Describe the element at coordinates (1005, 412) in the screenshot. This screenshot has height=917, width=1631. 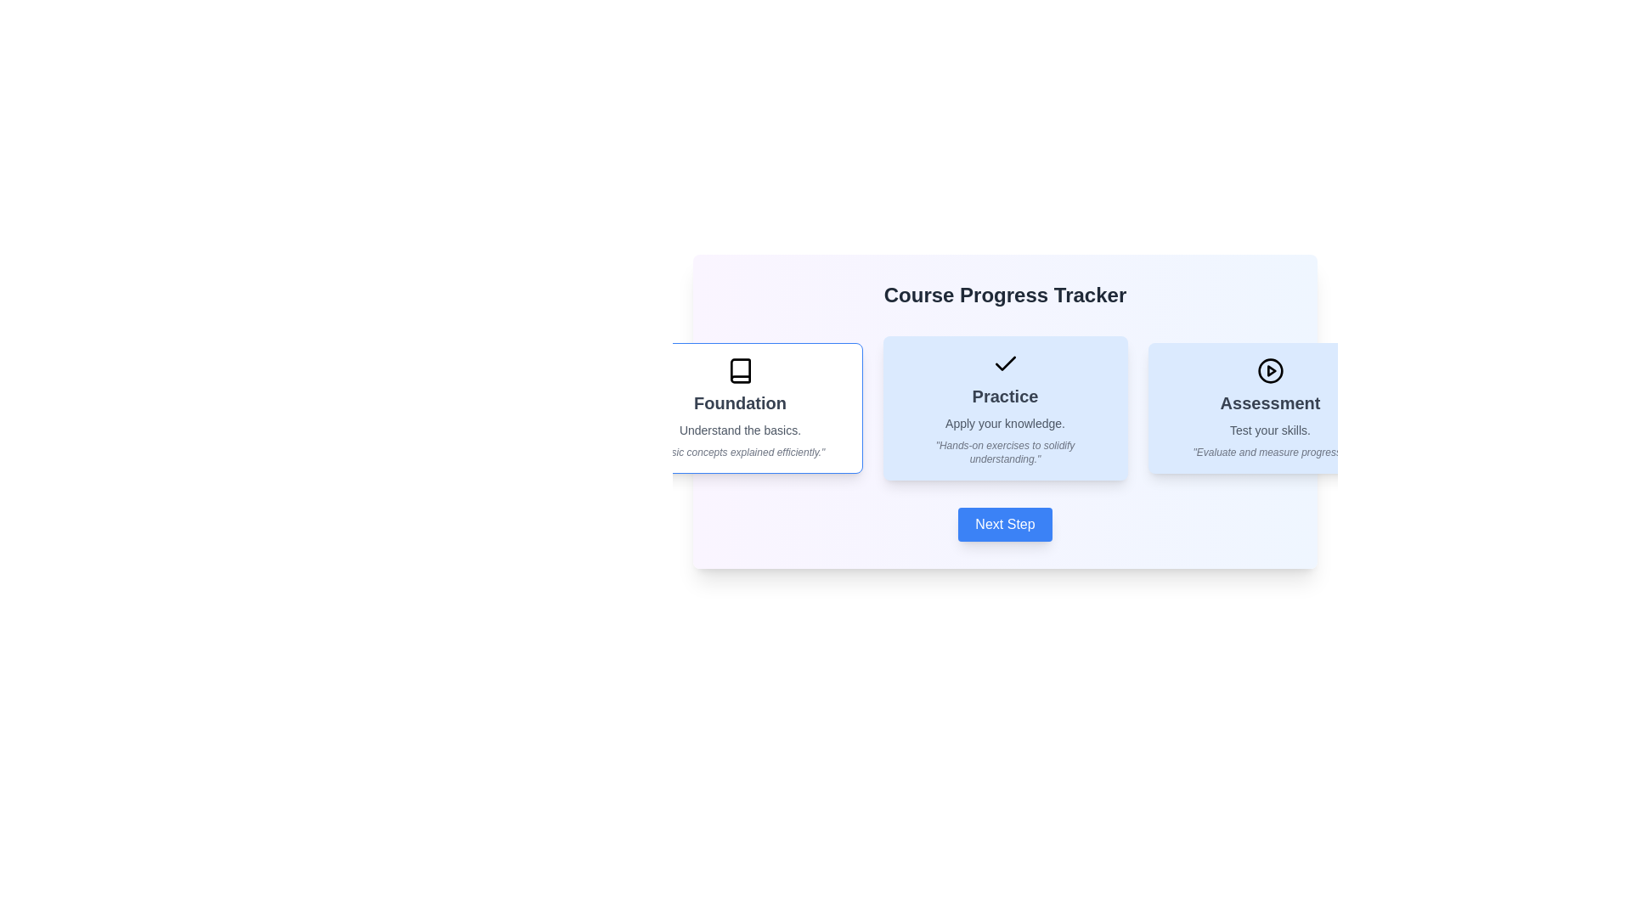
I see `the 'Practice' learning module header` at that location.